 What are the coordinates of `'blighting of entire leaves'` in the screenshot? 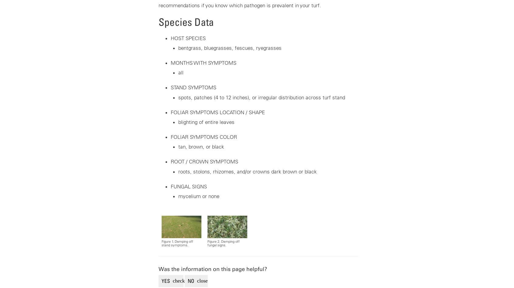 It's located at (206, 122).